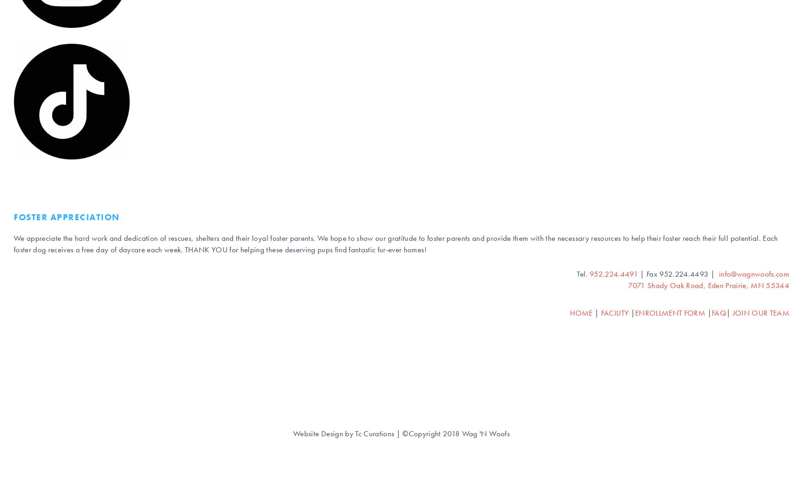 The height and width of the screenshot is (478, 803). What do you see at coordinates (613, 273) in the screenshot?
I see `'952.224.4491'` at bounding box center [613, 273].